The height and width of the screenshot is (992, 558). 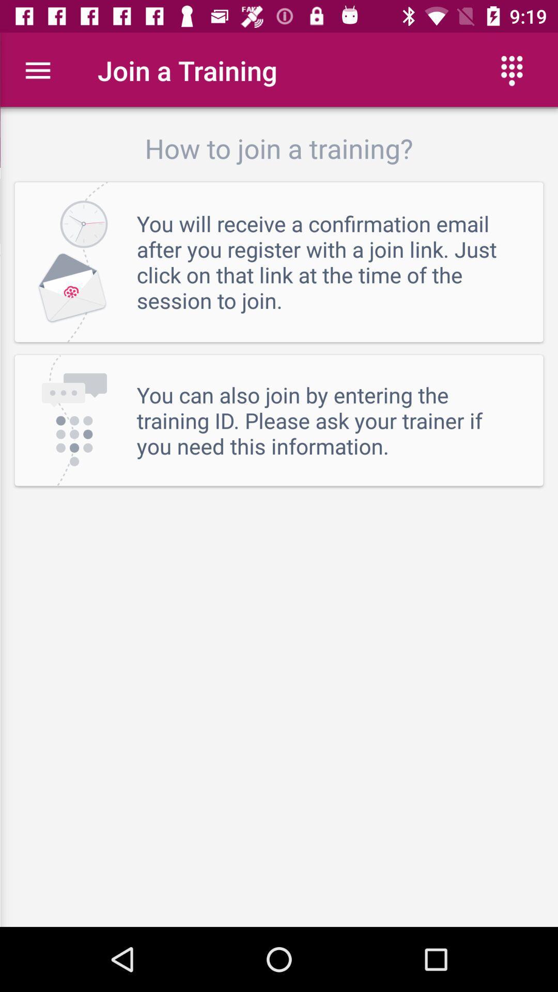 I want to click on the item next to join a training item, so click(x=37, y=70).